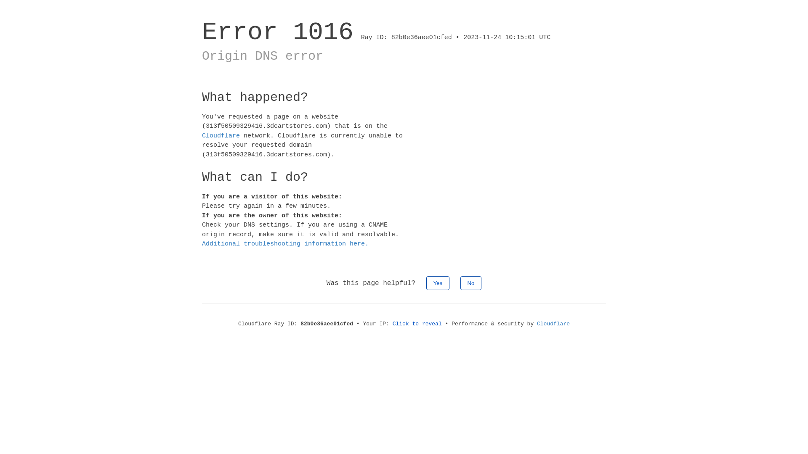 The height and width of the screenshot is (454, 808). What do you see at coordinates (438, 282) in the screenshot?
I see `'Yes'` at bounding box center [438, 282].